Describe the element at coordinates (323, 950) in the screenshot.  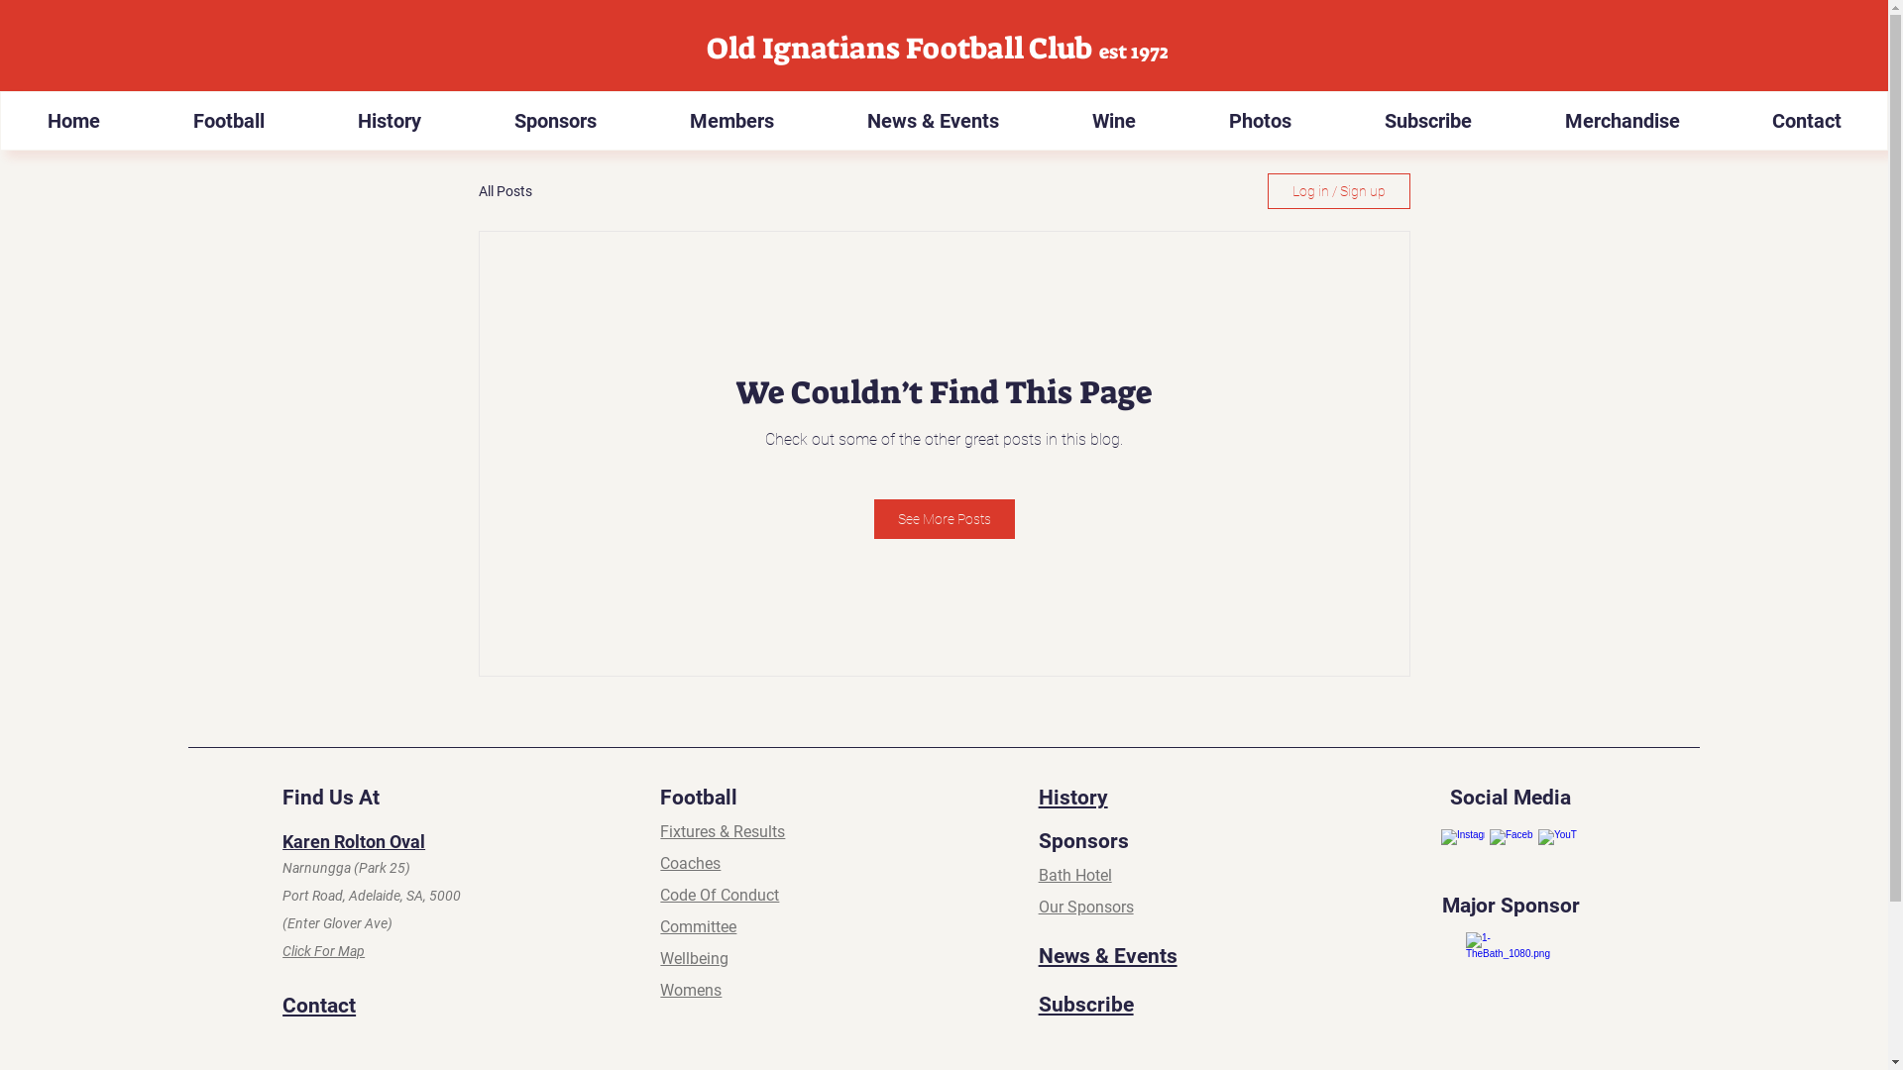
I see `'Click For Map'` at that location.